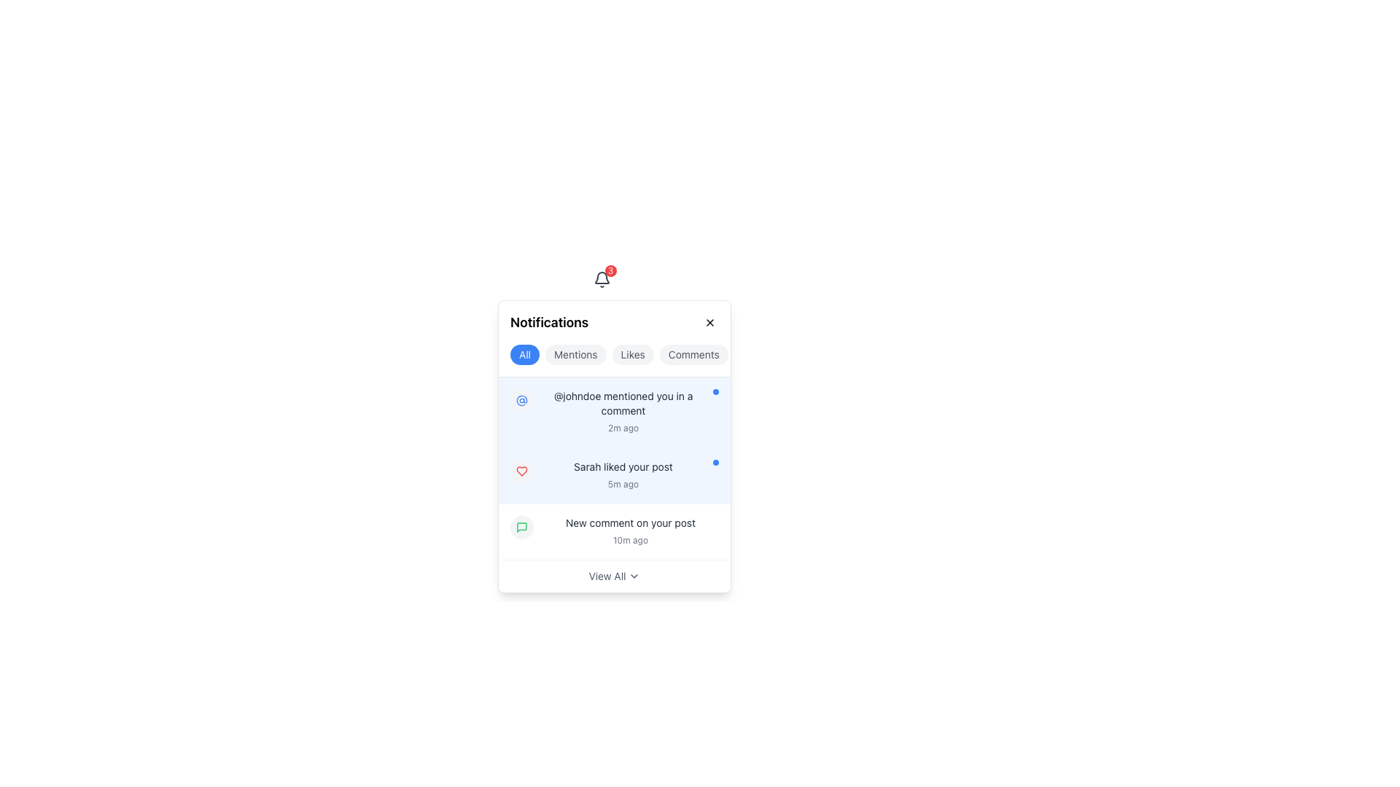  Describe the element at coordinates (525, 354) in the screenshot. I see `the pill-shaped button labeled 'All' with a blue background and white text, which is the first button in the horizontal group of buttons in the notification panel` at that location.